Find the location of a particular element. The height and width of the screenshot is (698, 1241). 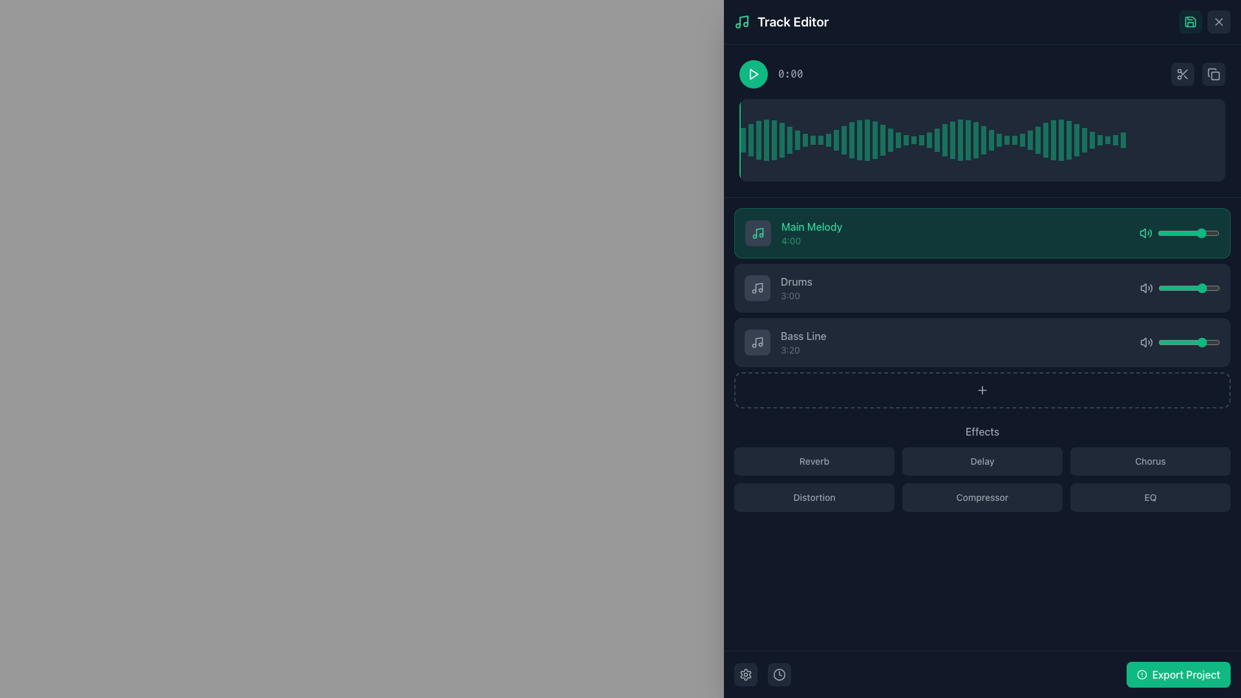

the Drums section icon located in the right sidebar of the Track Editor to guide interactions for its associated section is located at coordinates (757, 288).